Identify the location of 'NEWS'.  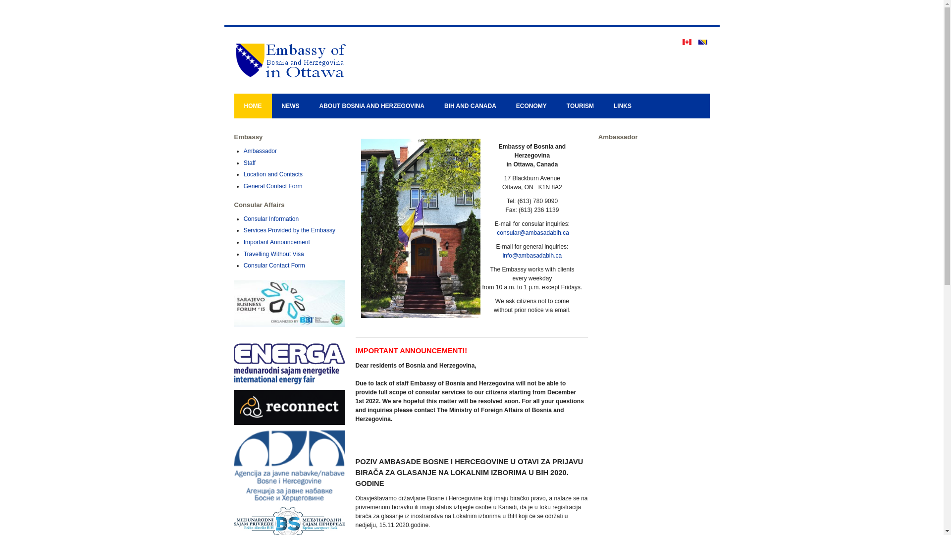
(289, 106).